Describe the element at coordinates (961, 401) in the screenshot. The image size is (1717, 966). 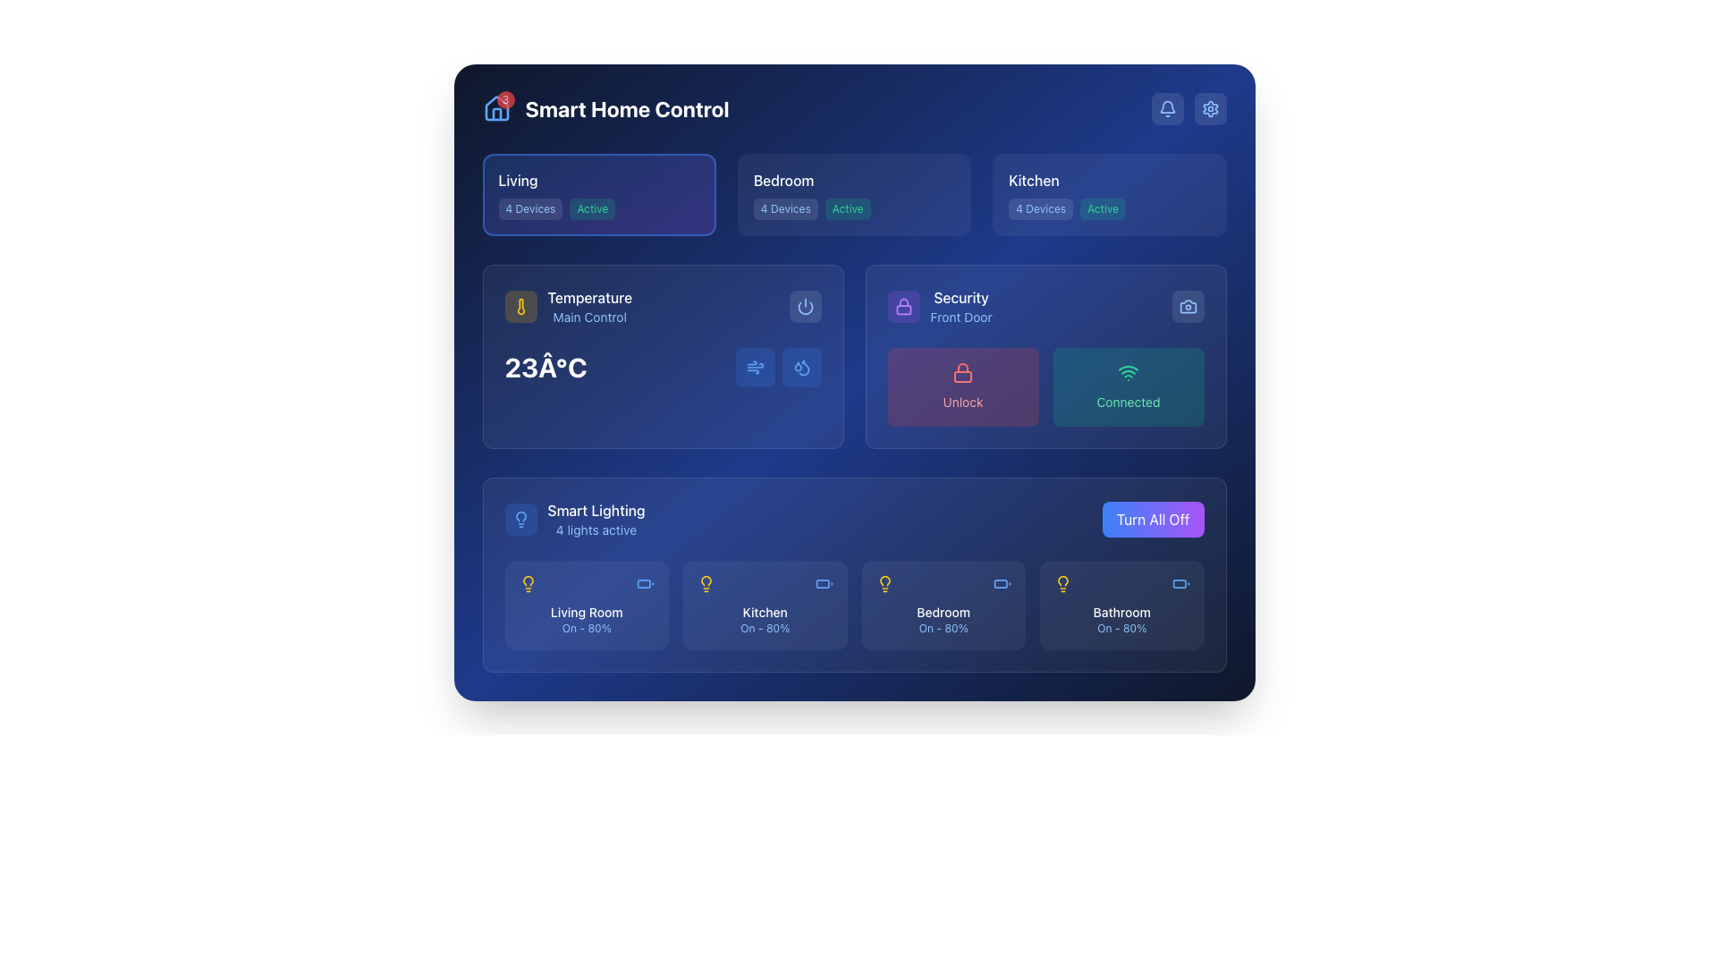
I see `the 'Unlock' text label, which is styled in light red and located within a button-like background in the 'Security' section` at that location.